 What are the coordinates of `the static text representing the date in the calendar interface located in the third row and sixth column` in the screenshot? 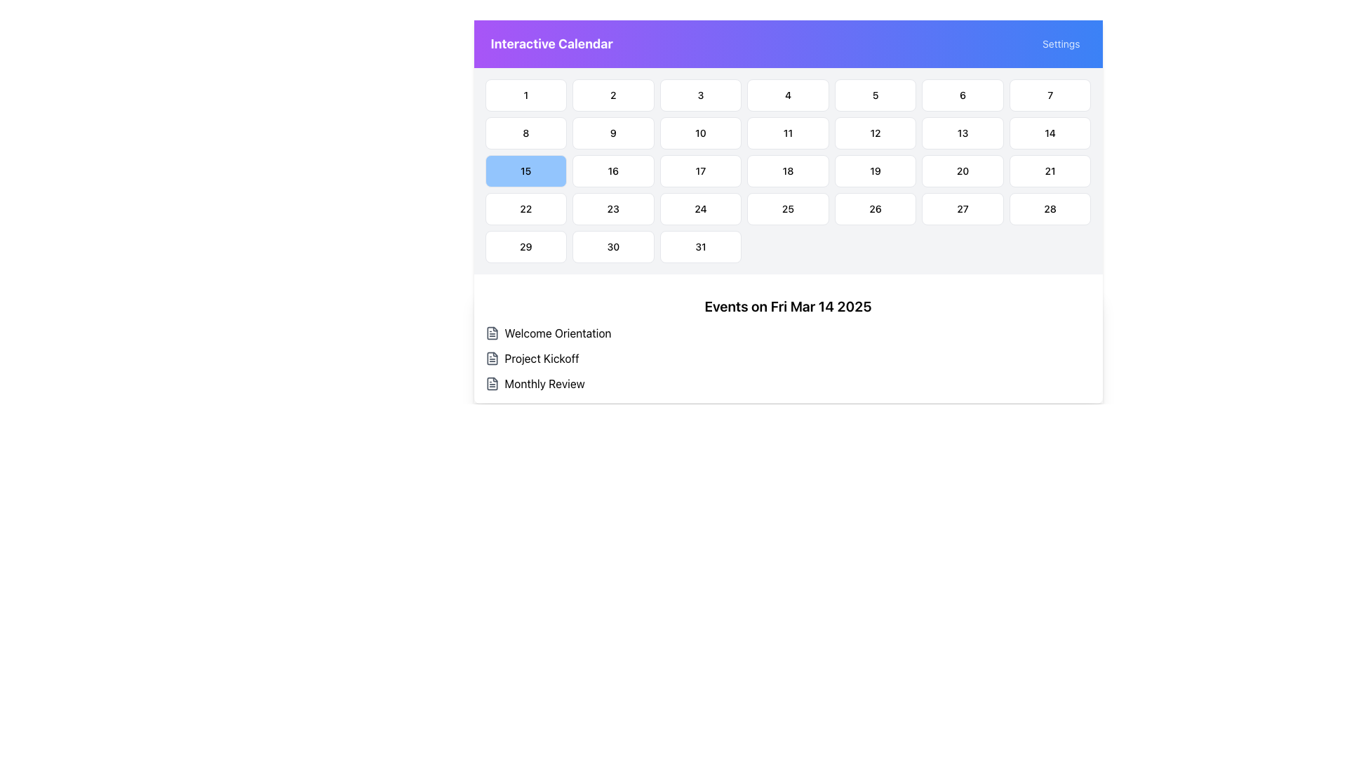 It's located at (788, 170).